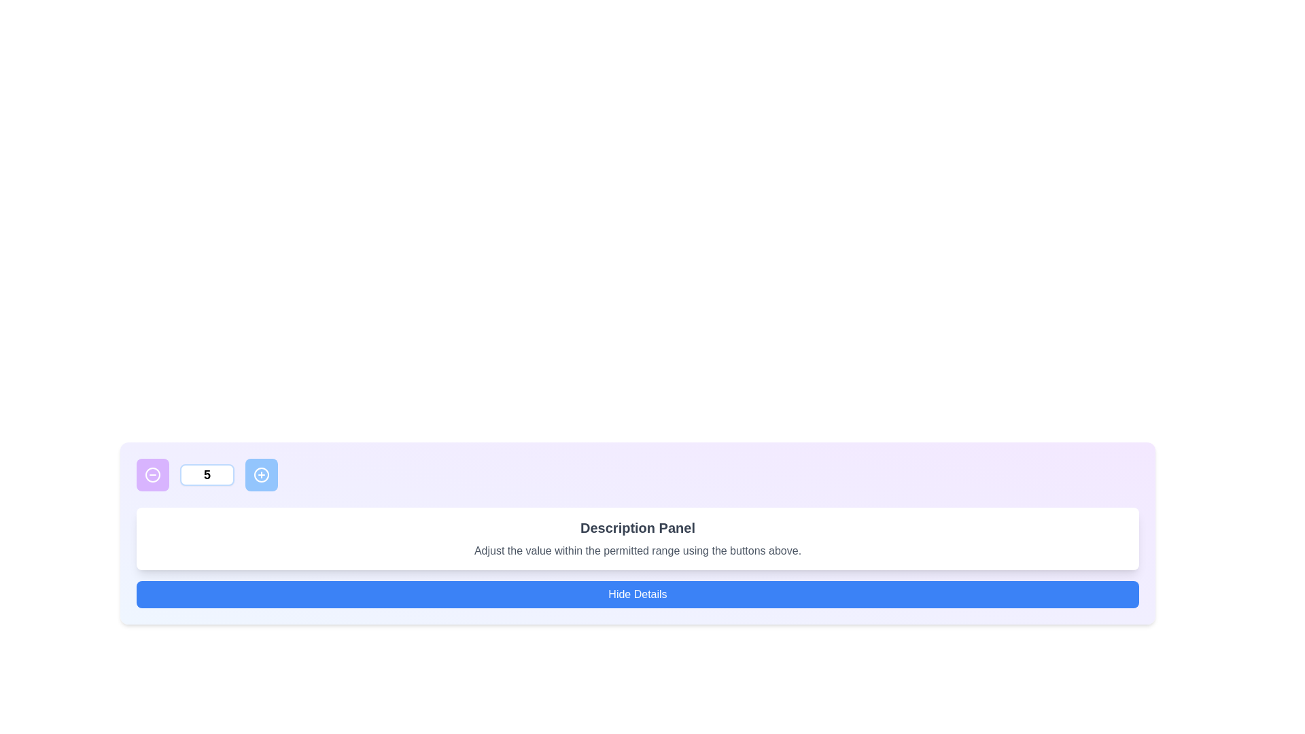 The image size is (1305, 734). I want to click on the circular blue button with a white plus icon at its center, located within a purple background bar, so click(261, 474).